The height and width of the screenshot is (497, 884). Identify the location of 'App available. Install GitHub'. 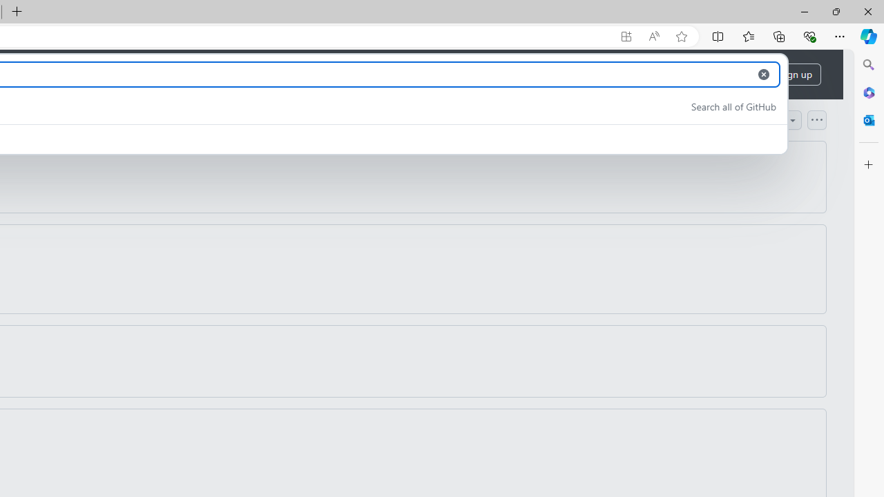
(625, 36).